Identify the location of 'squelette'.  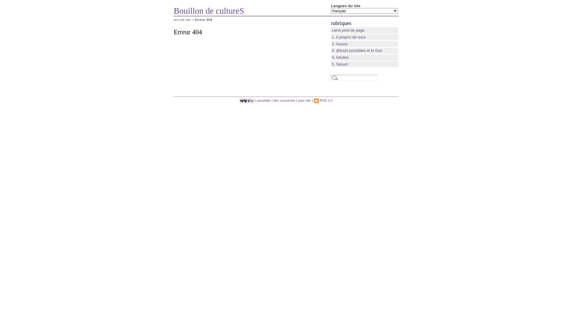
(263, 100).